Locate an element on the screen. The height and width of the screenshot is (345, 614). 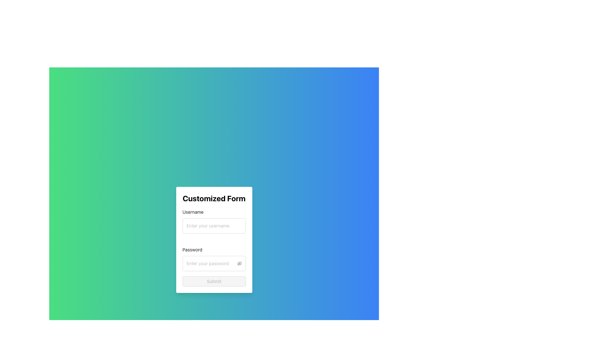
the visibility toggle icon, which resembles an eye with a slashed line through it, located on the right side of the password entry field is located at coordinates (239, 263).